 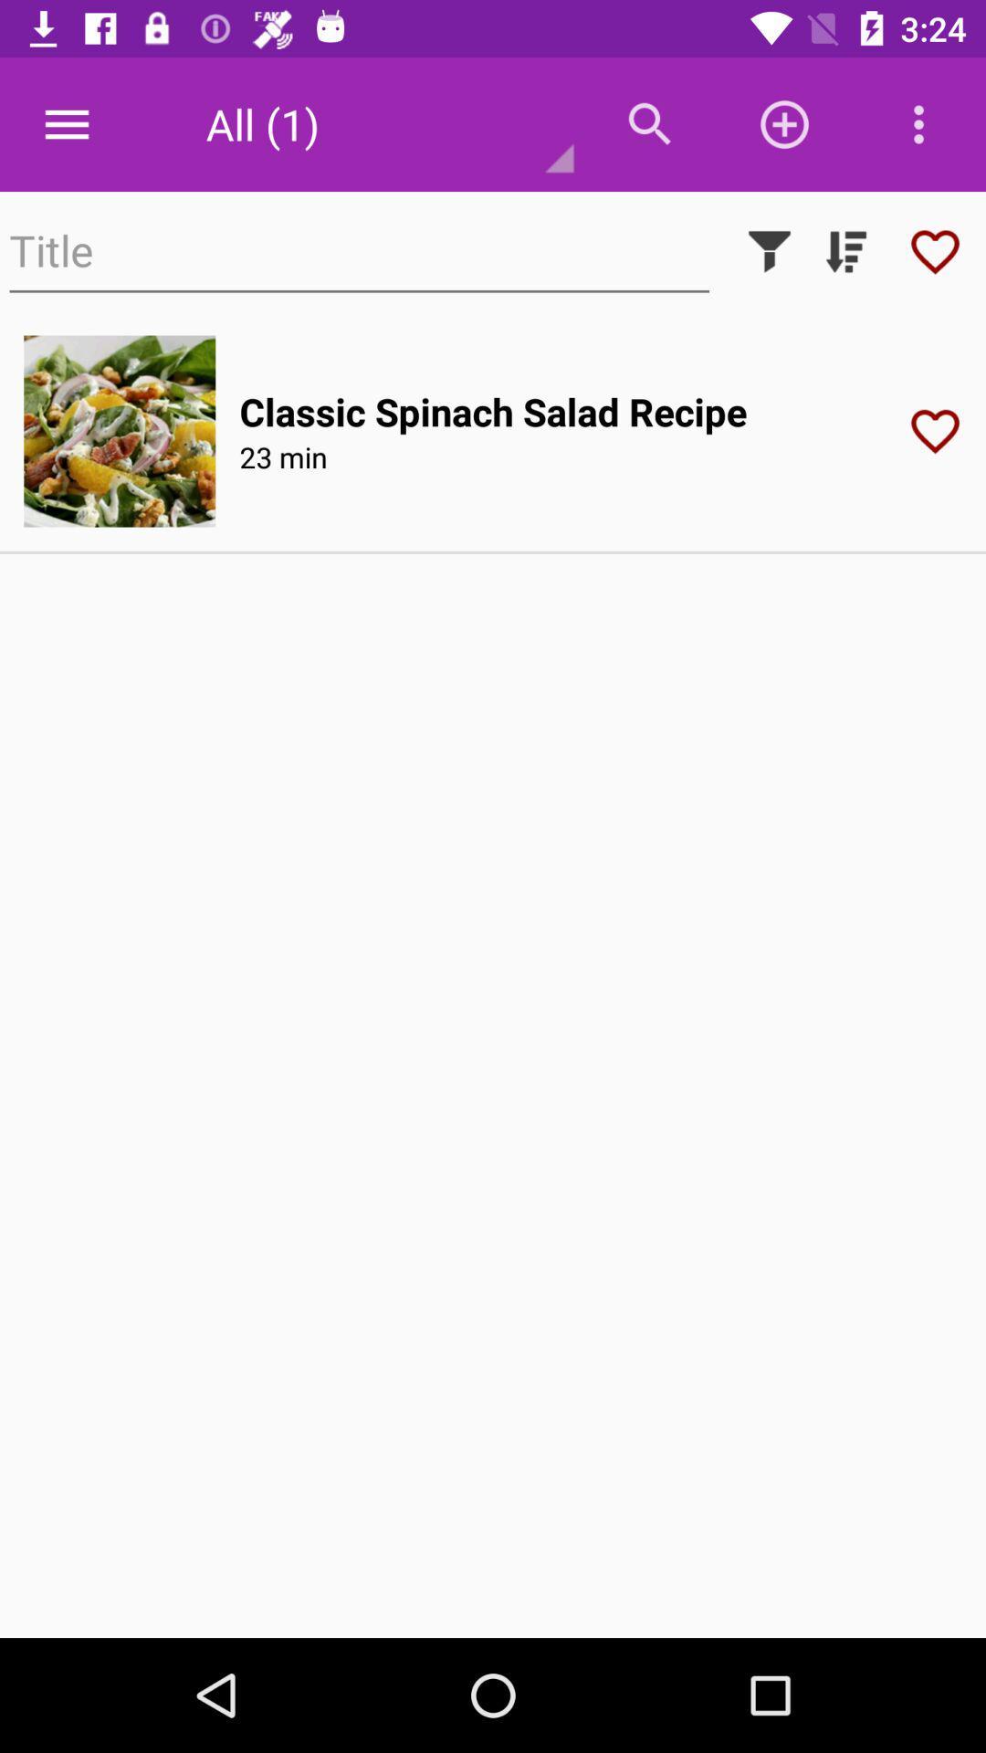 What do you see at coordinates (941, 430) in the screenshot?
I see `the icon which is beside the text classic spinach salad recipe` at bounding box center [941, 430].